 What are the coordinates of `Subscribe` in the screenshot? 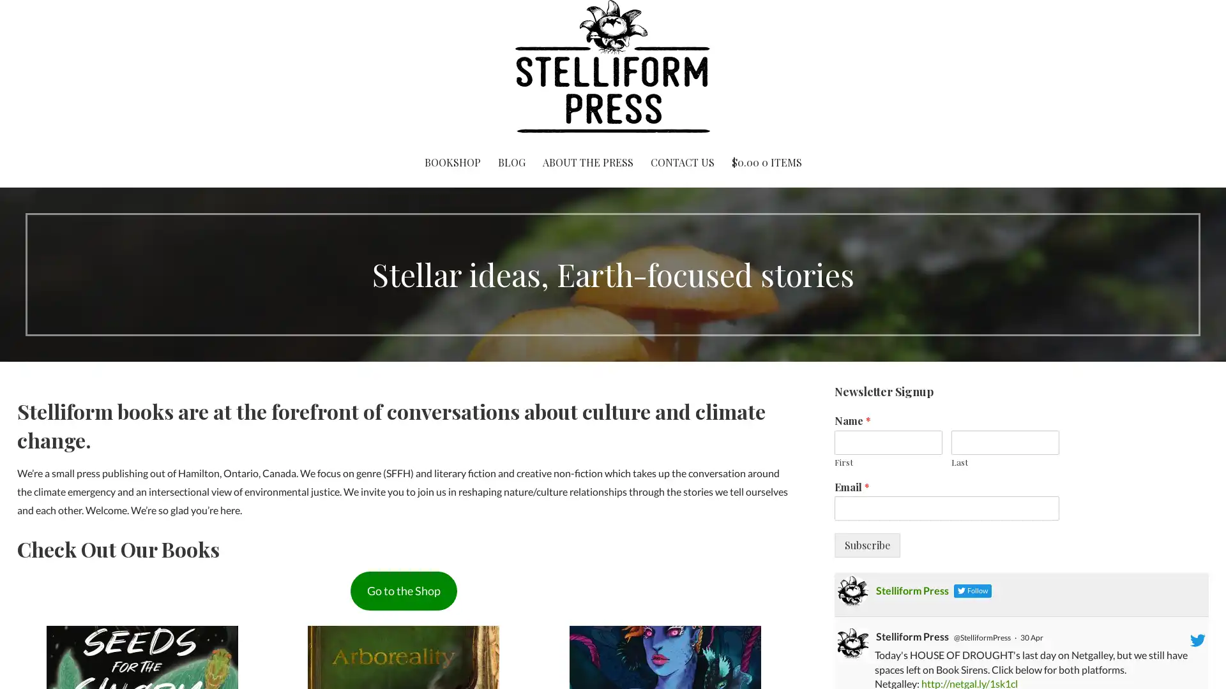 It's located at (867, 545).